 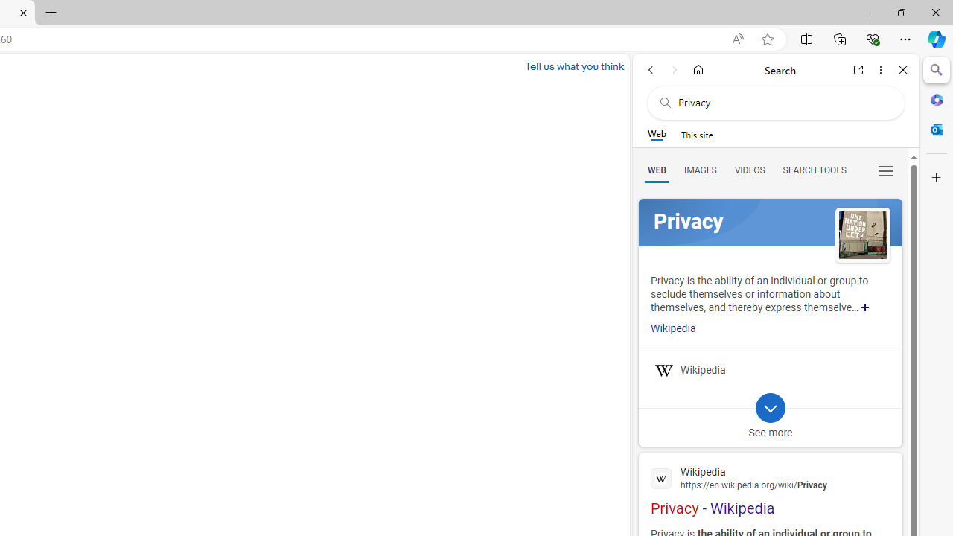 I want to click on 'WEB  ', so click(x=656, y=169).